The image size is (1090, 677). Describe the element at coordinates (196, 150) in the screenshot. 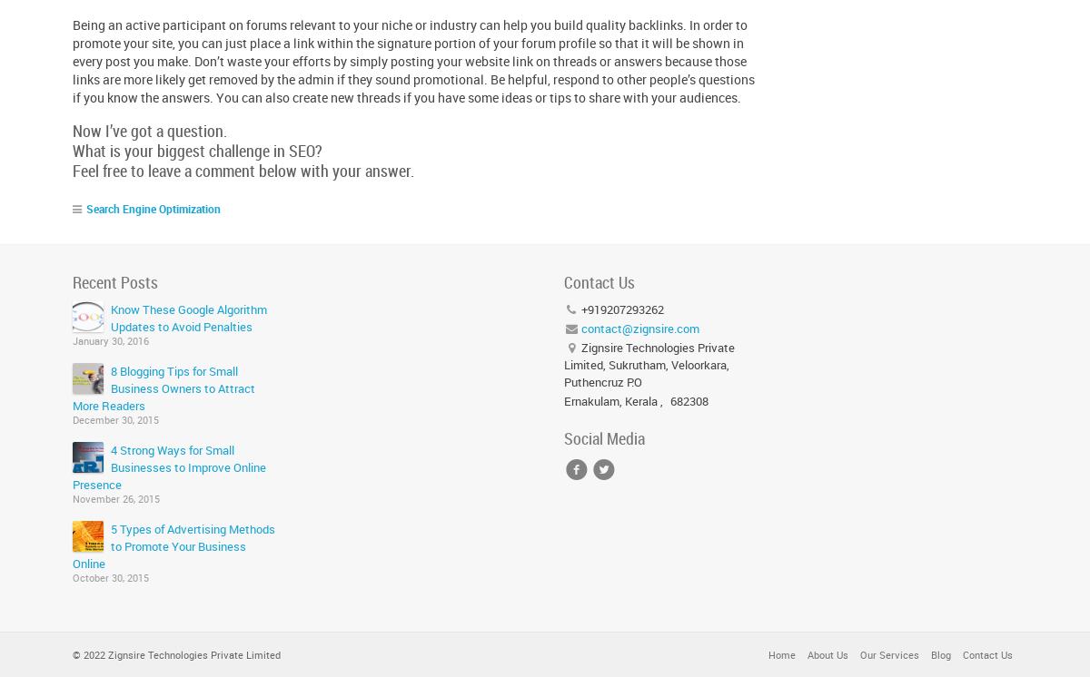

I see `'What is your biggest challenge in SEO?'` at that location.